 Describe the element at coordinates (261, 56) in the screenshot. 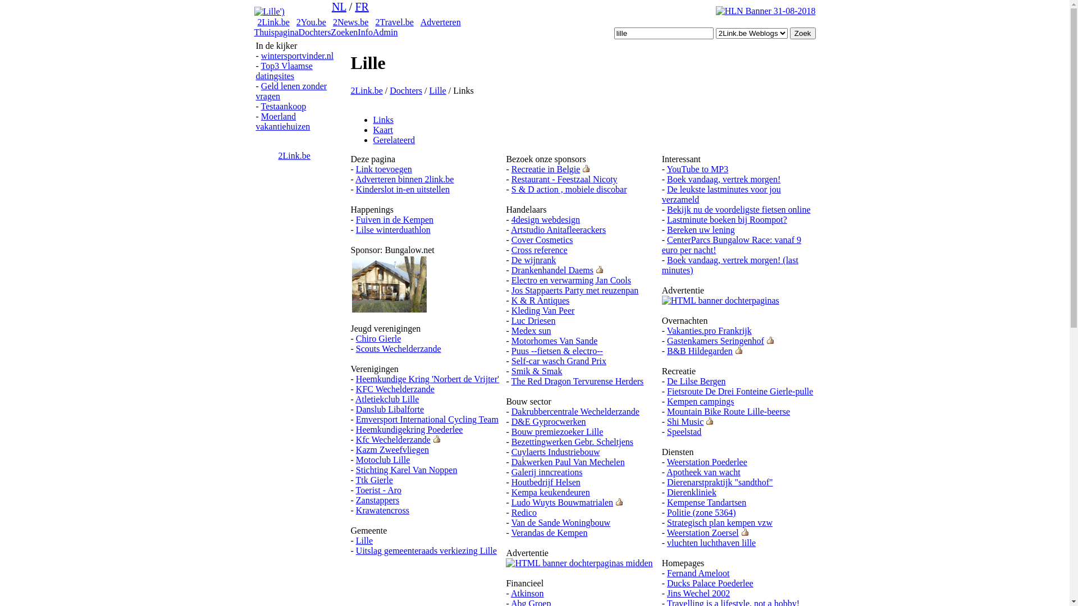

I see `'wintersportvinder.nl'` at that location.